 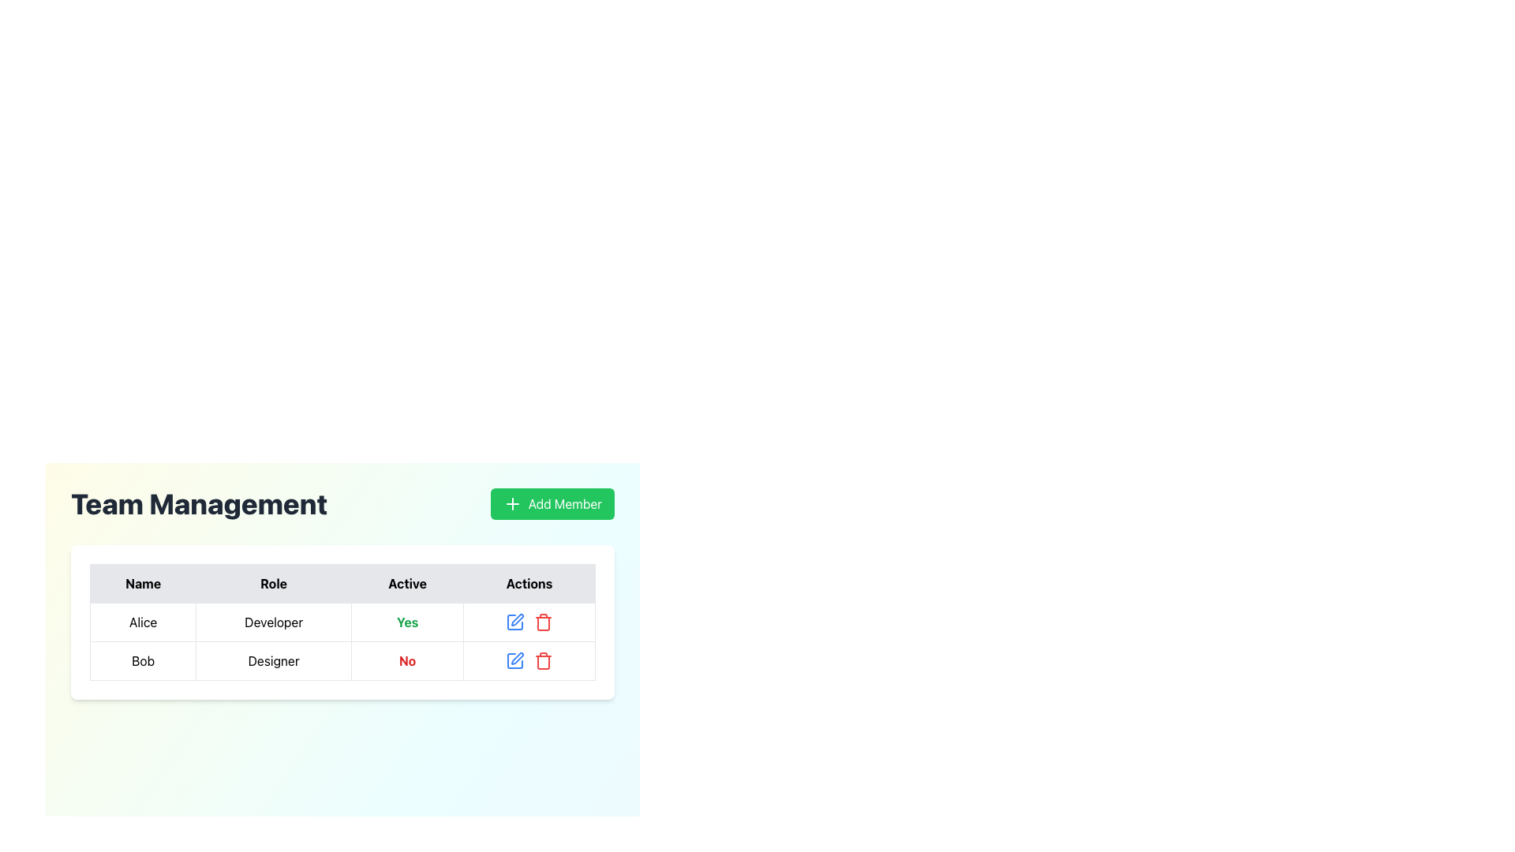 What do you see at coordinates (407, 622) in the screenshot?
I see `the text label indicating the active state of the team member 'Alice' in the 'Active' column of the management interface` at bounding box center [407, 622].